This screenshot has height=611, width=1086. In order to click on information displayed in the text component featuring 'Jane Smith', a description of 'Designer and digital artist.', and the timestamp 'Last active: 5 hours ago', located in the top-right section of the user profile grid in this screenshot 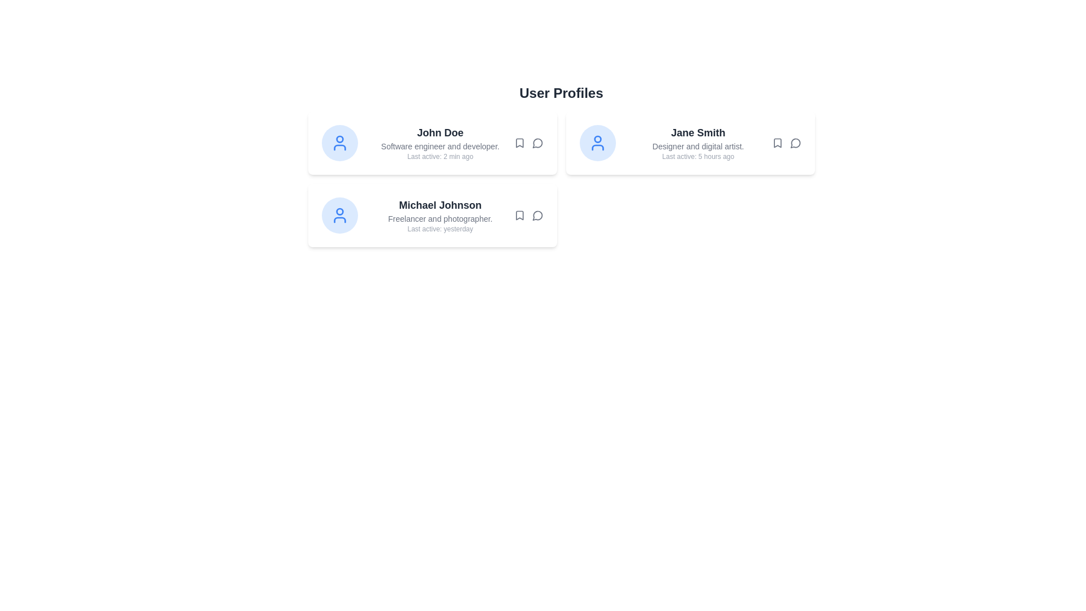, I will do `click(697, 143)`.